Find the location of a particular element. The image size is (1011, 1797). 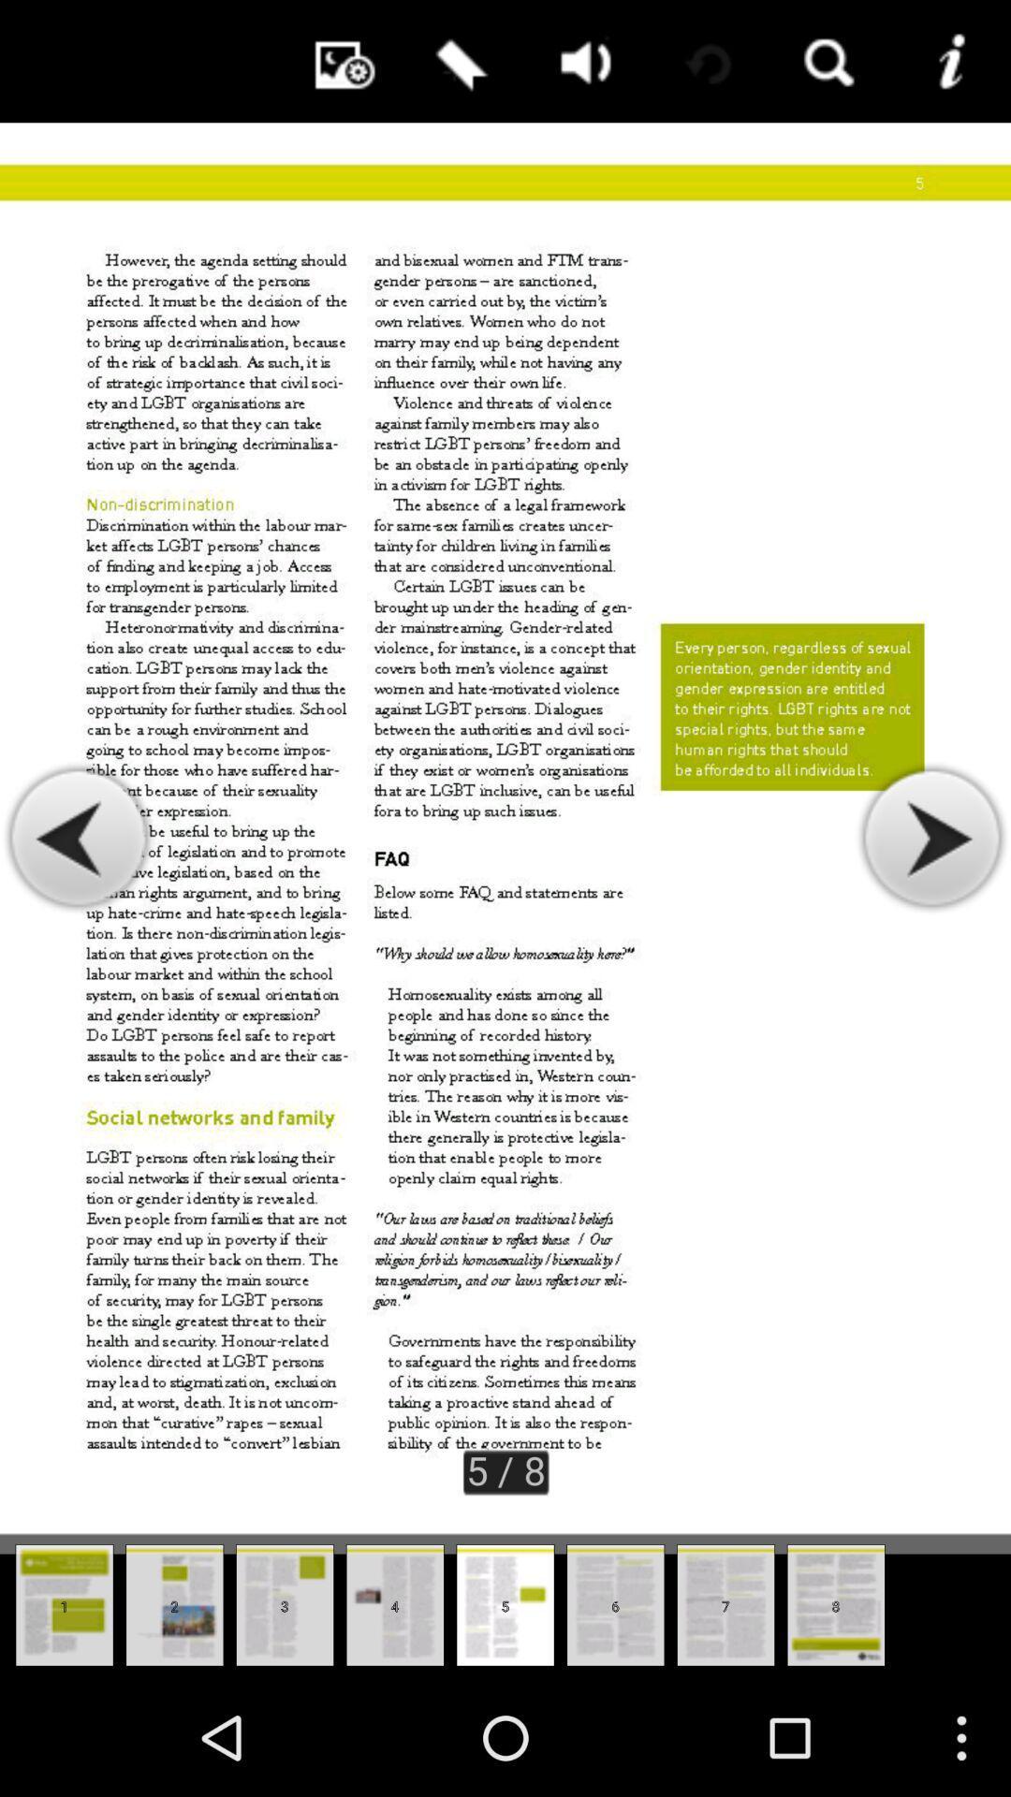

the icon on the right is located at coordinates (930, 838).